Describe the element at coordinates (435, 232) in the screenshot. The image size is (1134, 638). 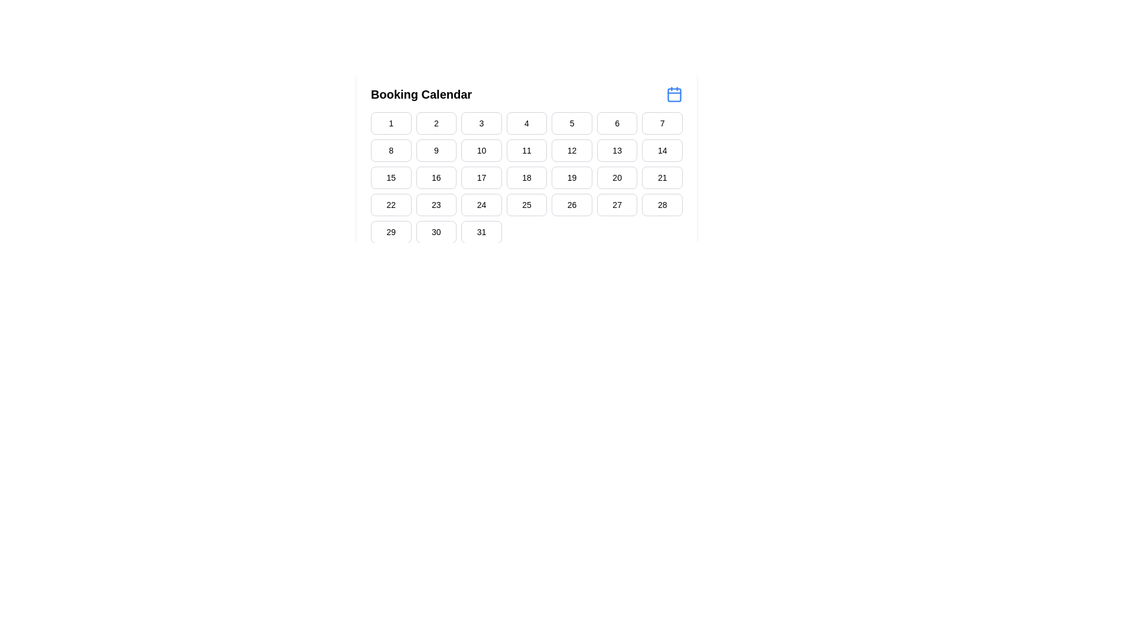
I see `the button labeled '30' in the Booking Calendar group, which is a rectangular button with a white background and a thin gray border, located before the button '31'` at that location.